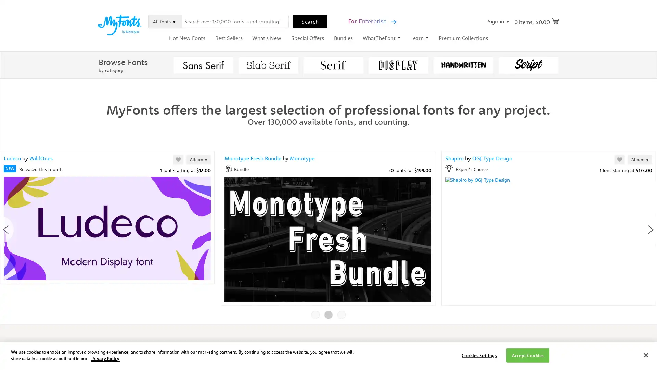 The width and height of the screenshot is (657, 370). Describe the element at coordinates (527, 355) in the screenshot. I see `Accept Cookies` at that location.